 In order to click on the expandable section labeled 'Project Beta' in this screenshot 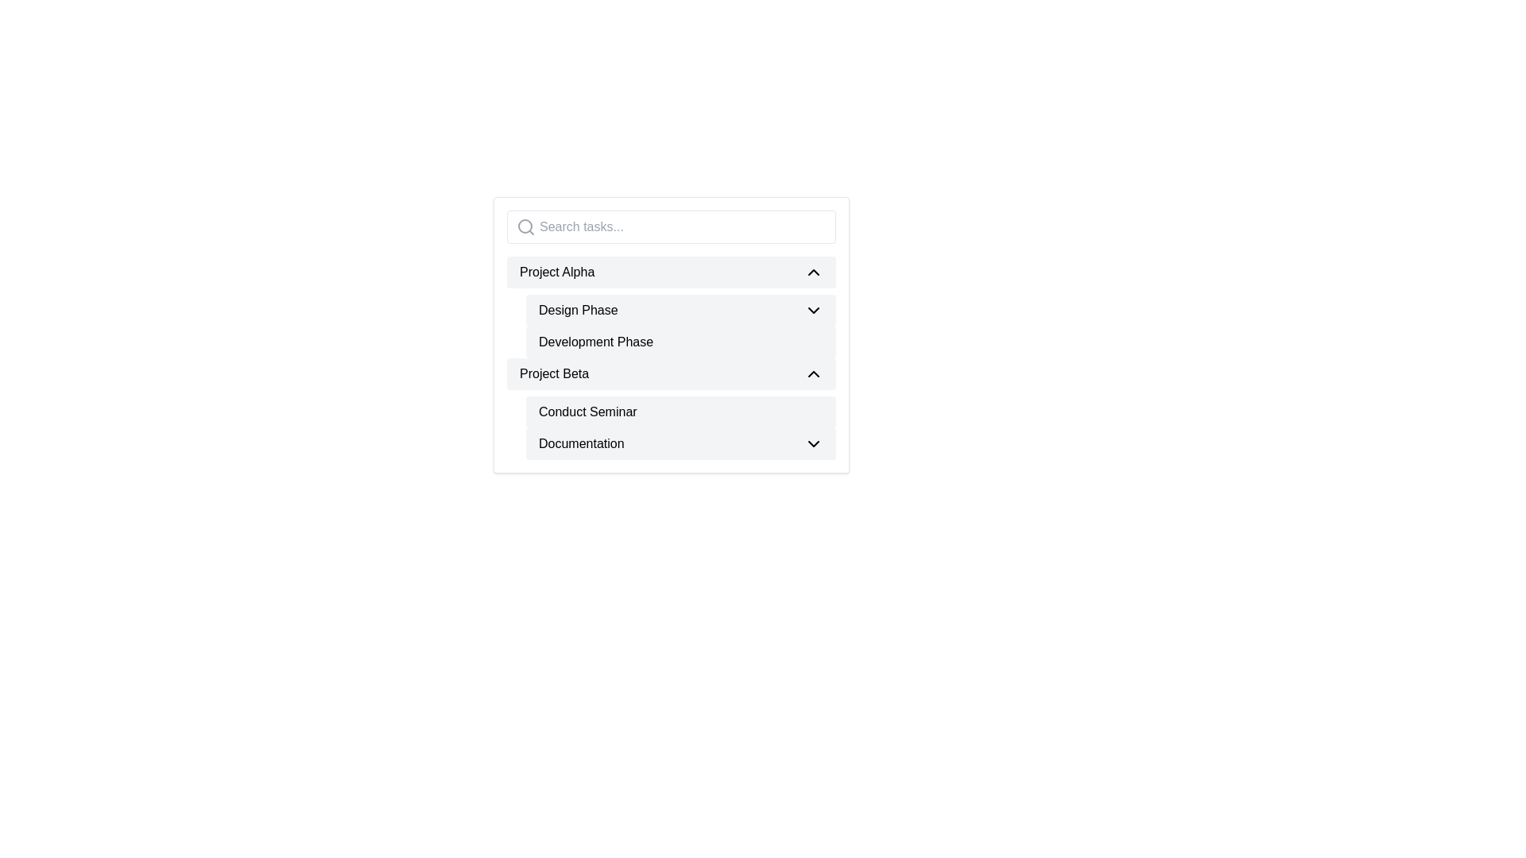, I will do `click(671, 408)`.